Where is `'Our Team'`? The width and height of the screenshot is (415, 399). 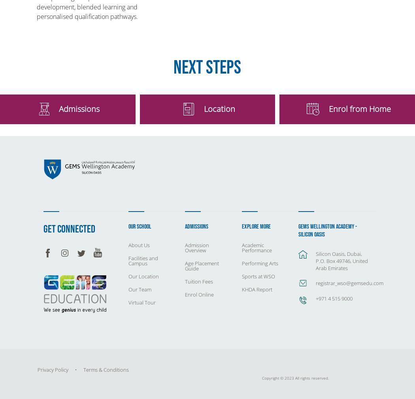
'Our Team' is located at coordinates (139, 289).